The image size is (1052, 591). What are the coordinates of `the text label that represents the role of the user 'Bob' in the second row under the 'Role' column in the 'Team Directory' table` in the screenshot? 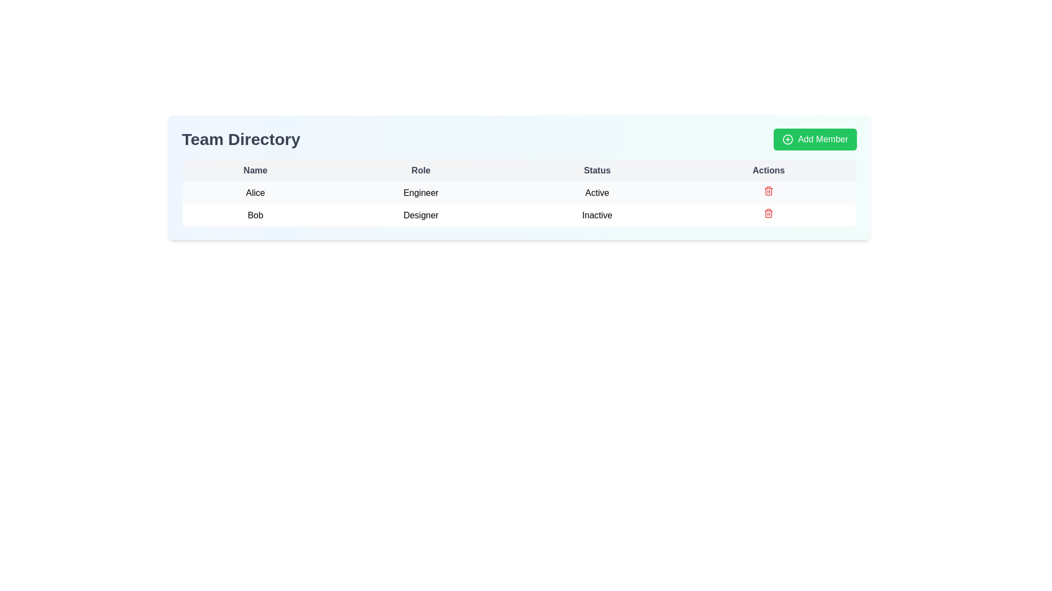 It's located at (420, 215).